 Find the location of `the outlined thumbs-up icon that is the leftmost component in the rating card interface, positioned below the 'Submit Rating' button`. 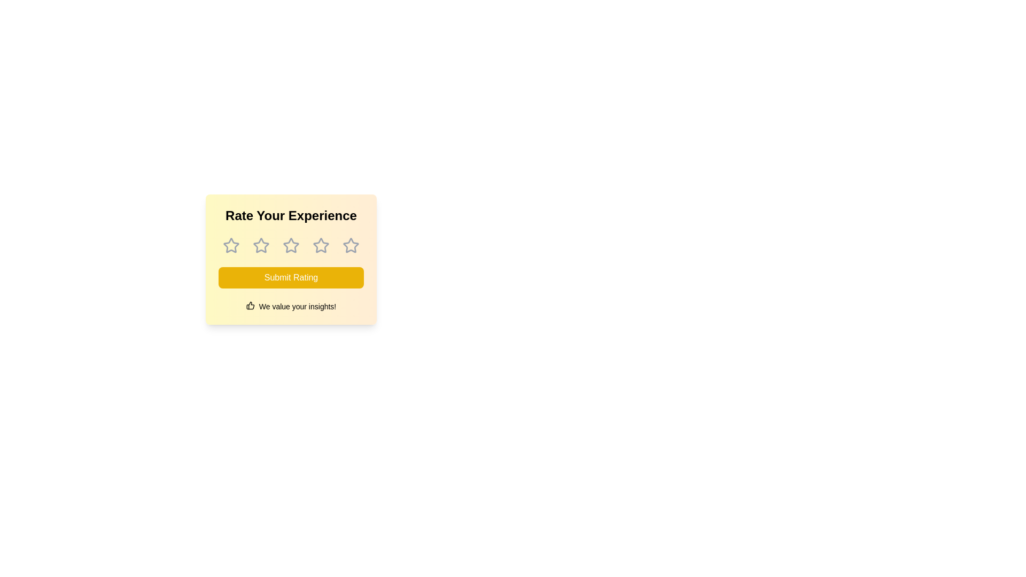

the outlined thumbs-up icon that is the leftmost component in the rating card interface, positioned below the 'Submit Rating' button is located at coordinates (250, 305).